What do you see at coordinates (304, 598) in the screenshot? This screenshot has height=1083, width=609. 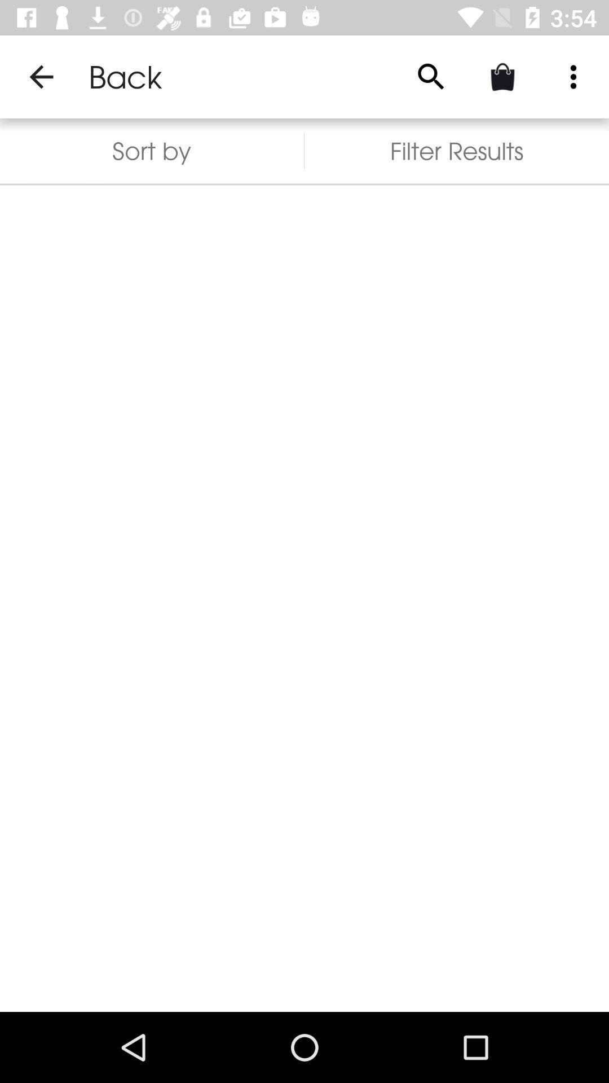 I see `the item at the center` at bounding box center [304, 598].